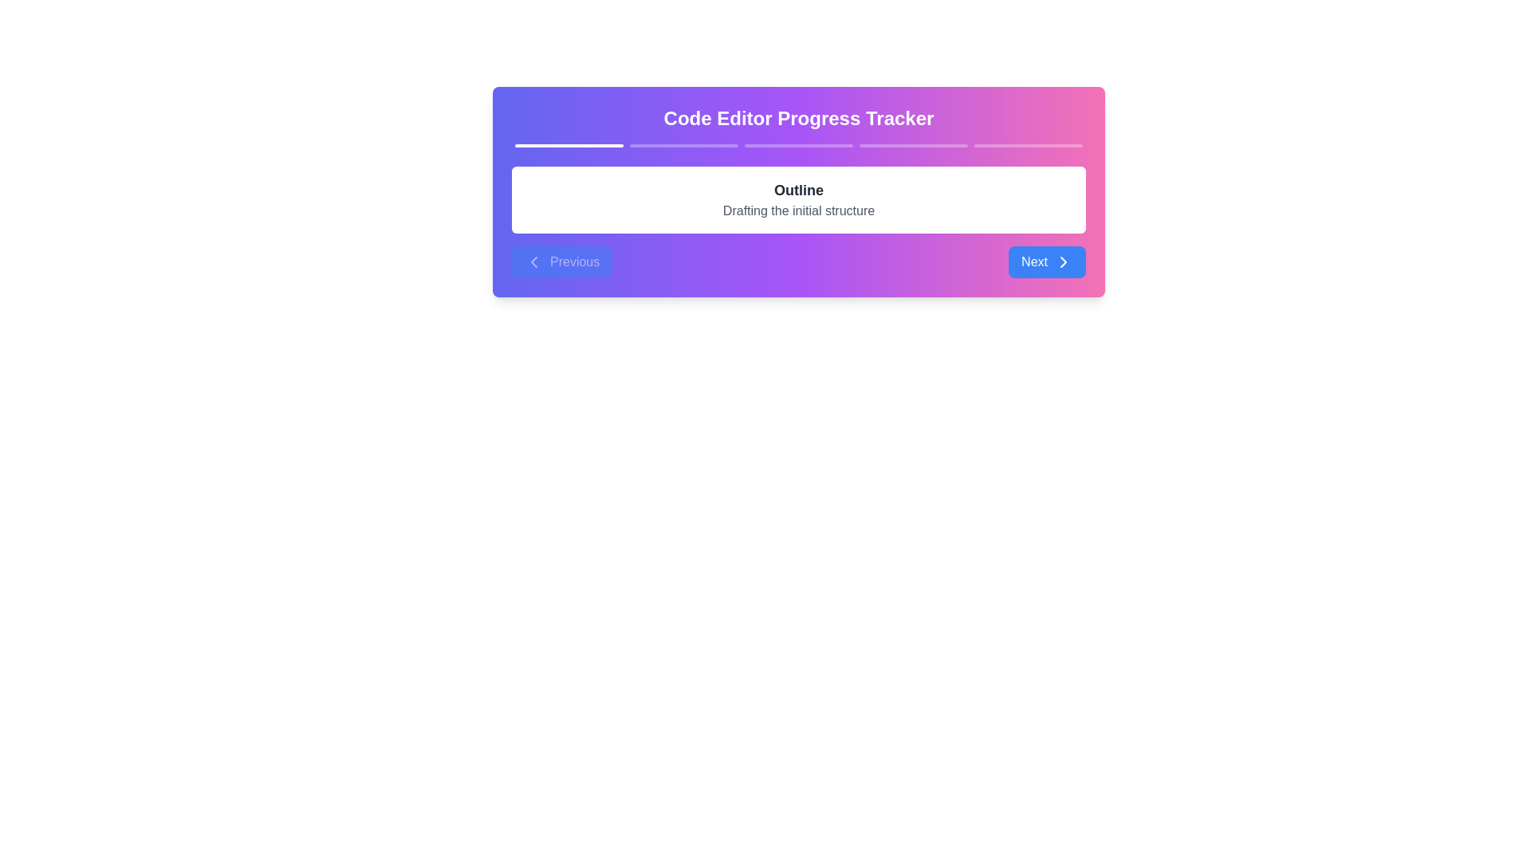 This screenshot has height=861, width=1531. I want to click on the fifth progress step indicator, which is a thin, horizontal, partially transparent white bar located near the top edge of the colorful progress tracker section, so click(1029, 145).